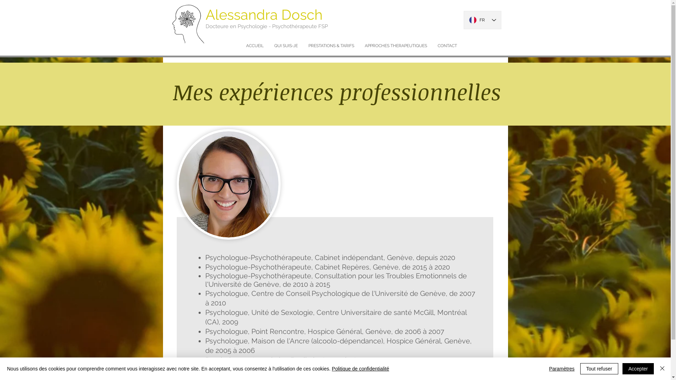 The image size is (676, 380). Describe the element at coordinates (638, 368) in the screenshot. I see `'Accepter'` at that location.